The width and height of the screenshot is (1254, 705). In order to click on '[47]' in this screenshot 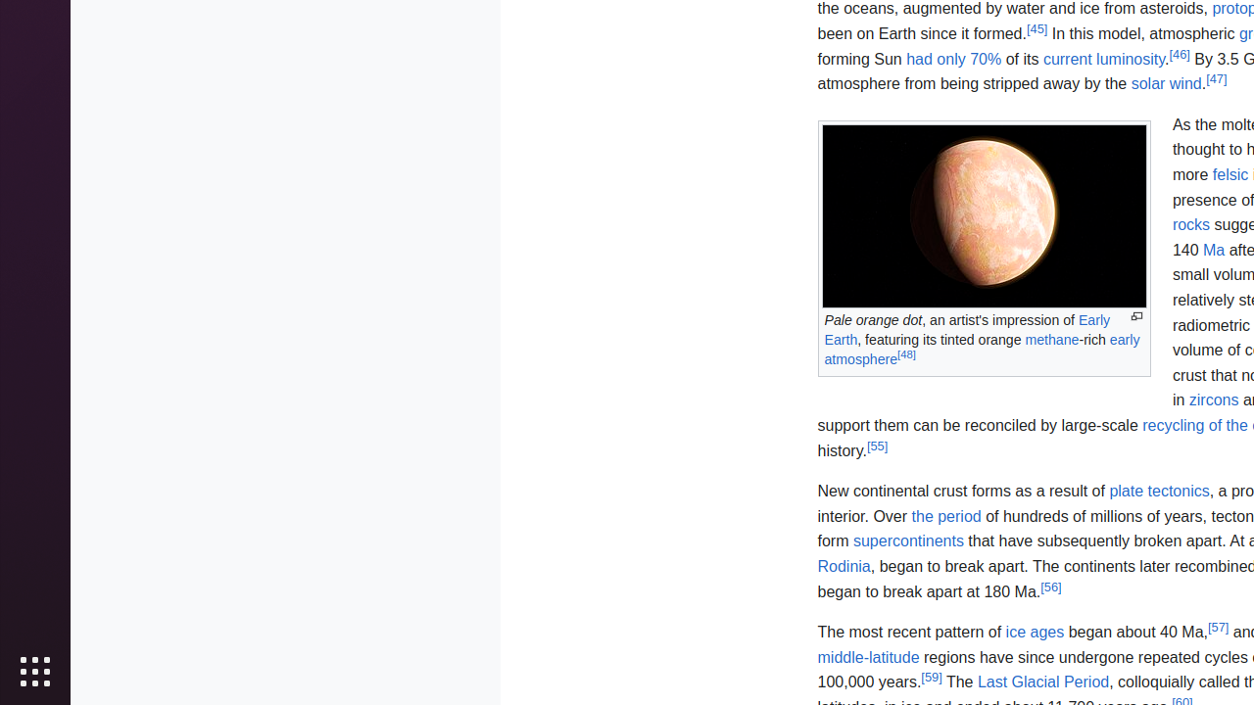, I will do `click(1215, 76)`.